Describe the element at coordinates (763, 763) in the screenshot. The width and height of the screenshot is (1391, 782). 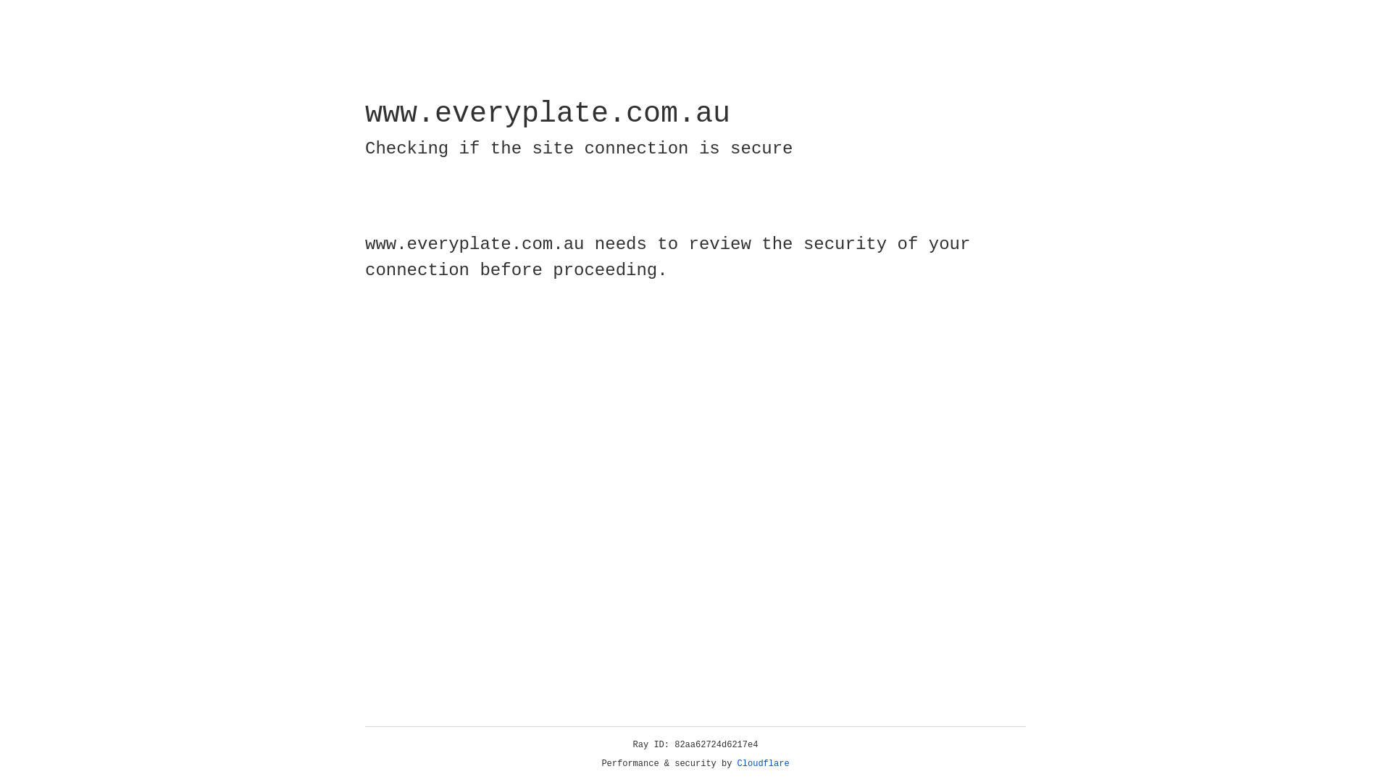
I see `'Cloudflare'` at that location.